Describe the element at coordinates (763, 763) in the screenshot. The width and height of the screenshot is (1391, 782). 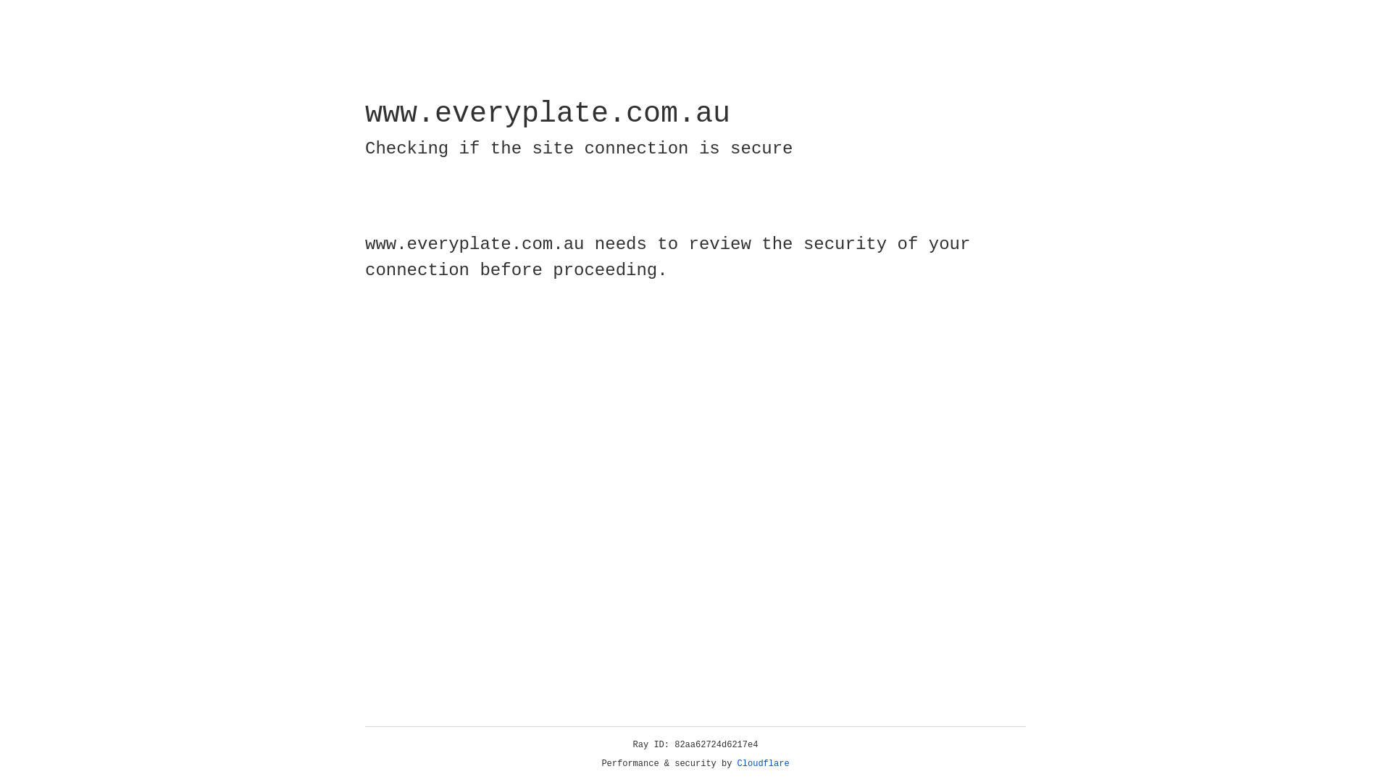
I see `'Cloudflare'` at that location.